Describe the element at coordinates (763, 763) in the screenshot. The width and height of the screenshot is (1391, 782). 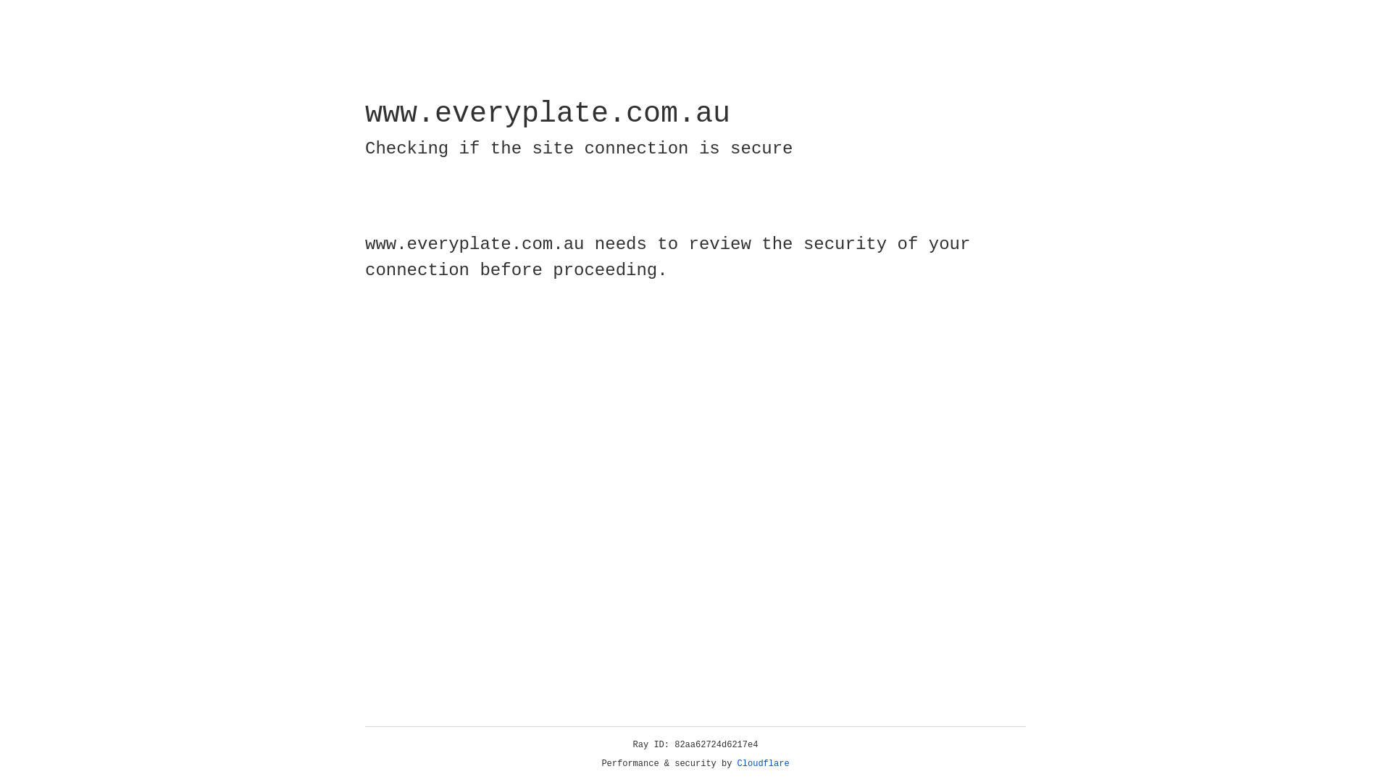
I see `'Cloudflare'` at that location.